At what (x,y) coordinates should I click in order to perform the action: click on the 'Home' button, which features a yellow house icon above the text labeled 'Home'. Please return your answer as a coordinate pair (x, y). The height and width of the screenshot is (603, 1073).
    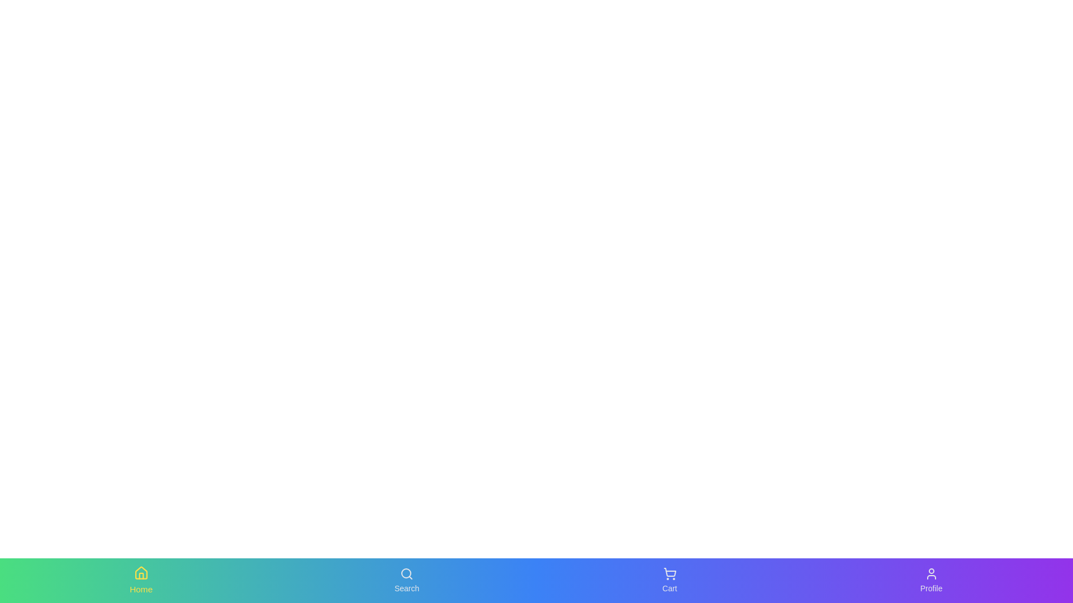
    Looking at the image, I should click on (140, 580).